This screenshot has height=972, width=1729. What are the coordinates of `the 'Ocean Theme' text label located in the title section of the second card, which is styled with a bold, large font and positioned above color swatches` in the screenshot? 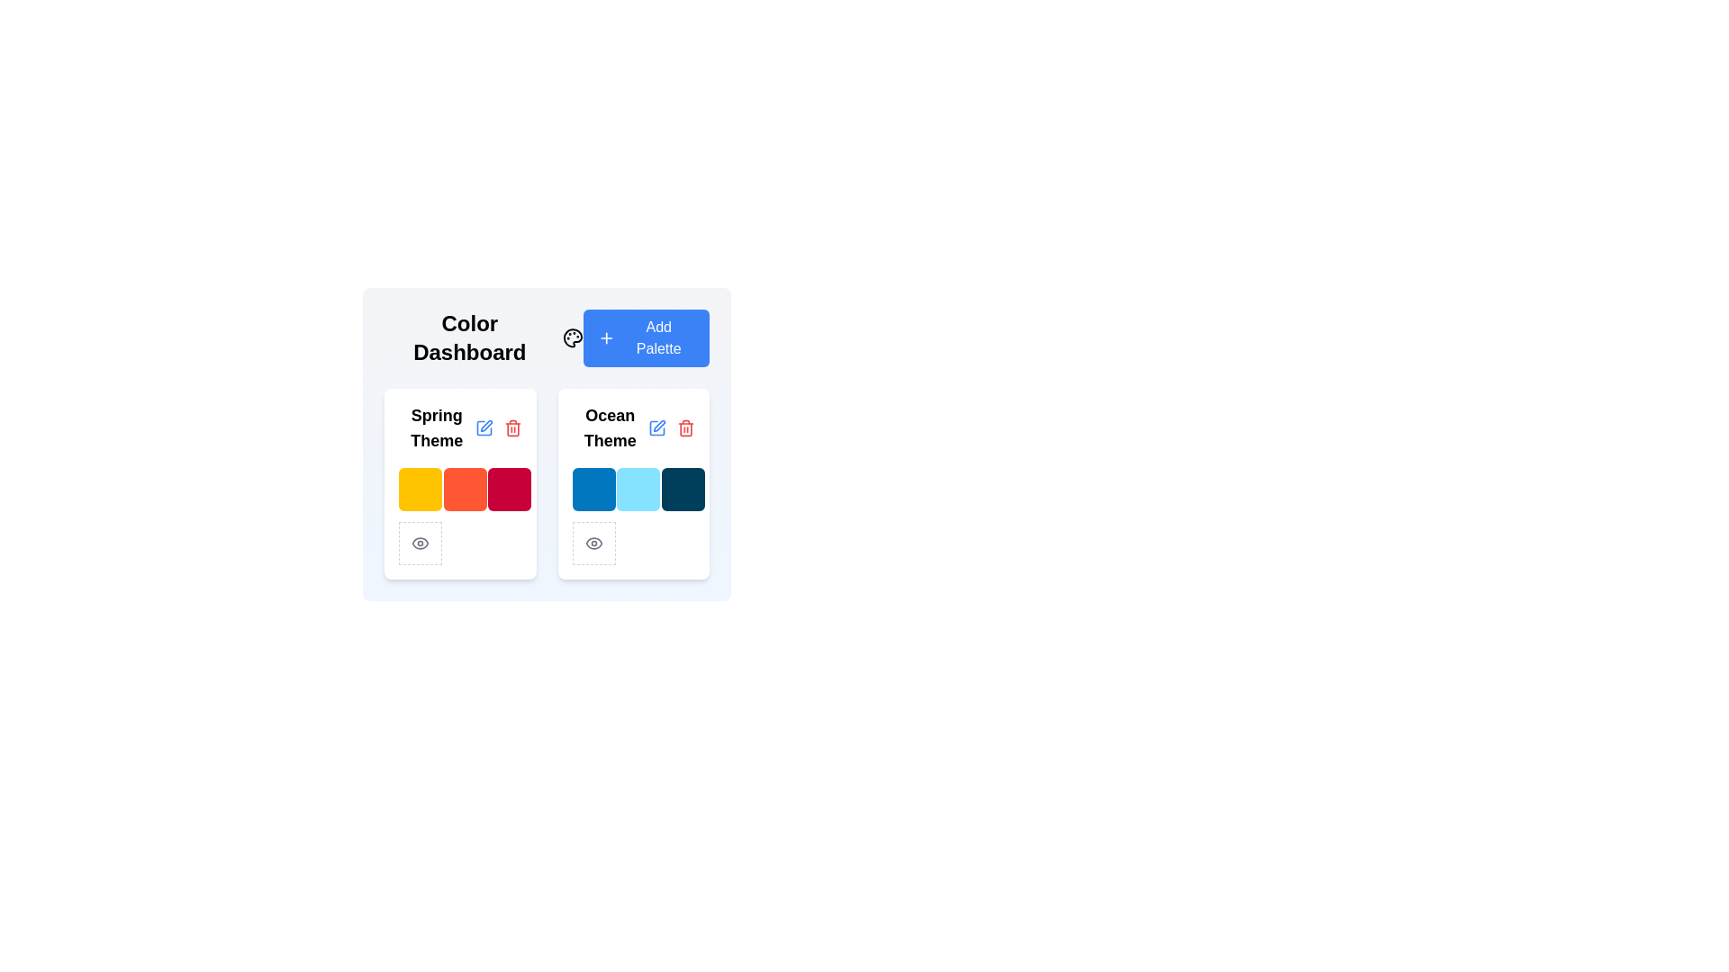 It's located at (610, 427).